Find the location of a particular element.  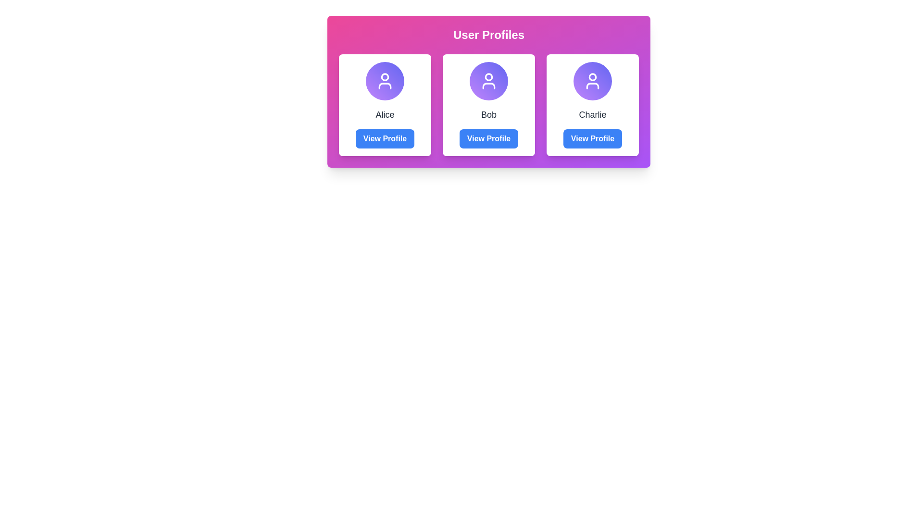

the button located below the text displaying 'Bob' in the second user profile card is located at coordinates (489, 139).